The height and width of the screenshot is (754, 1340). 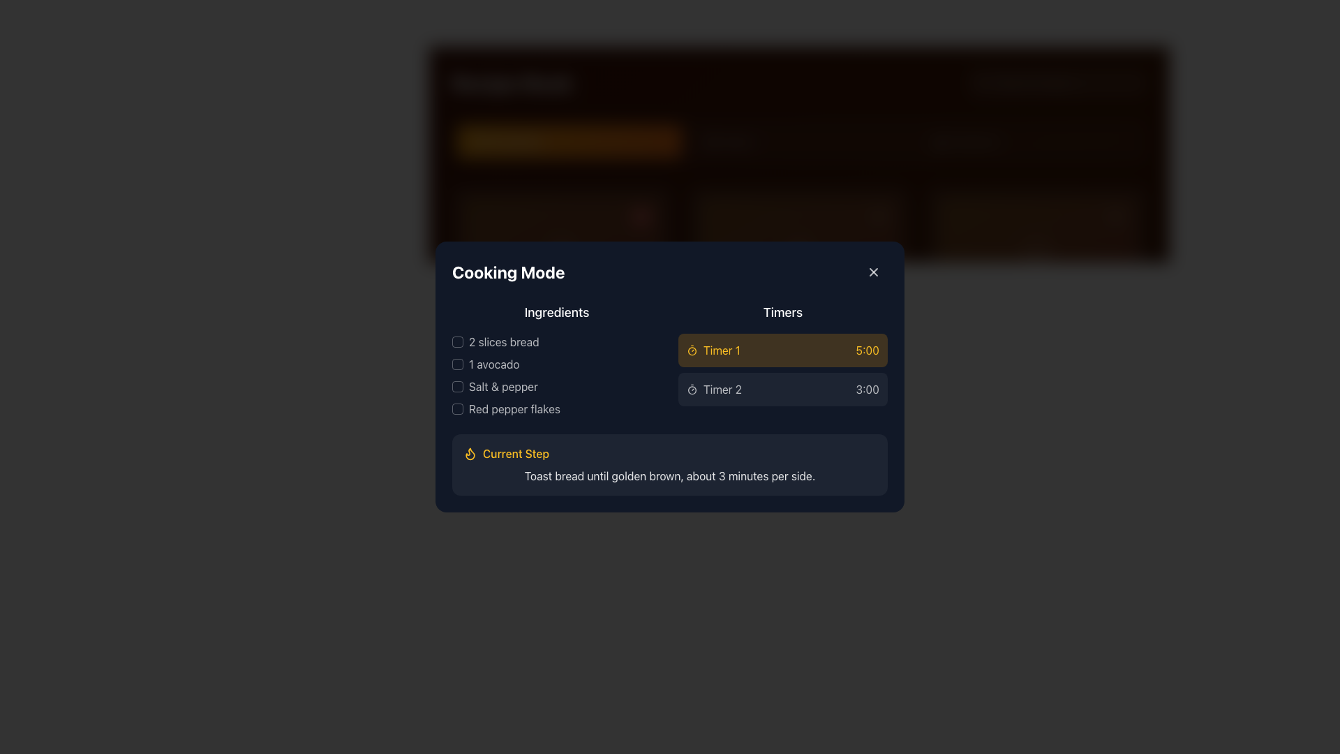 I want to click on the SVG circle that is part of the timer icon in the 'Timers' section of the 'Cooking Mode' interface, located next to 'Timer 1' and '5:00', so click(x=692, y=350).